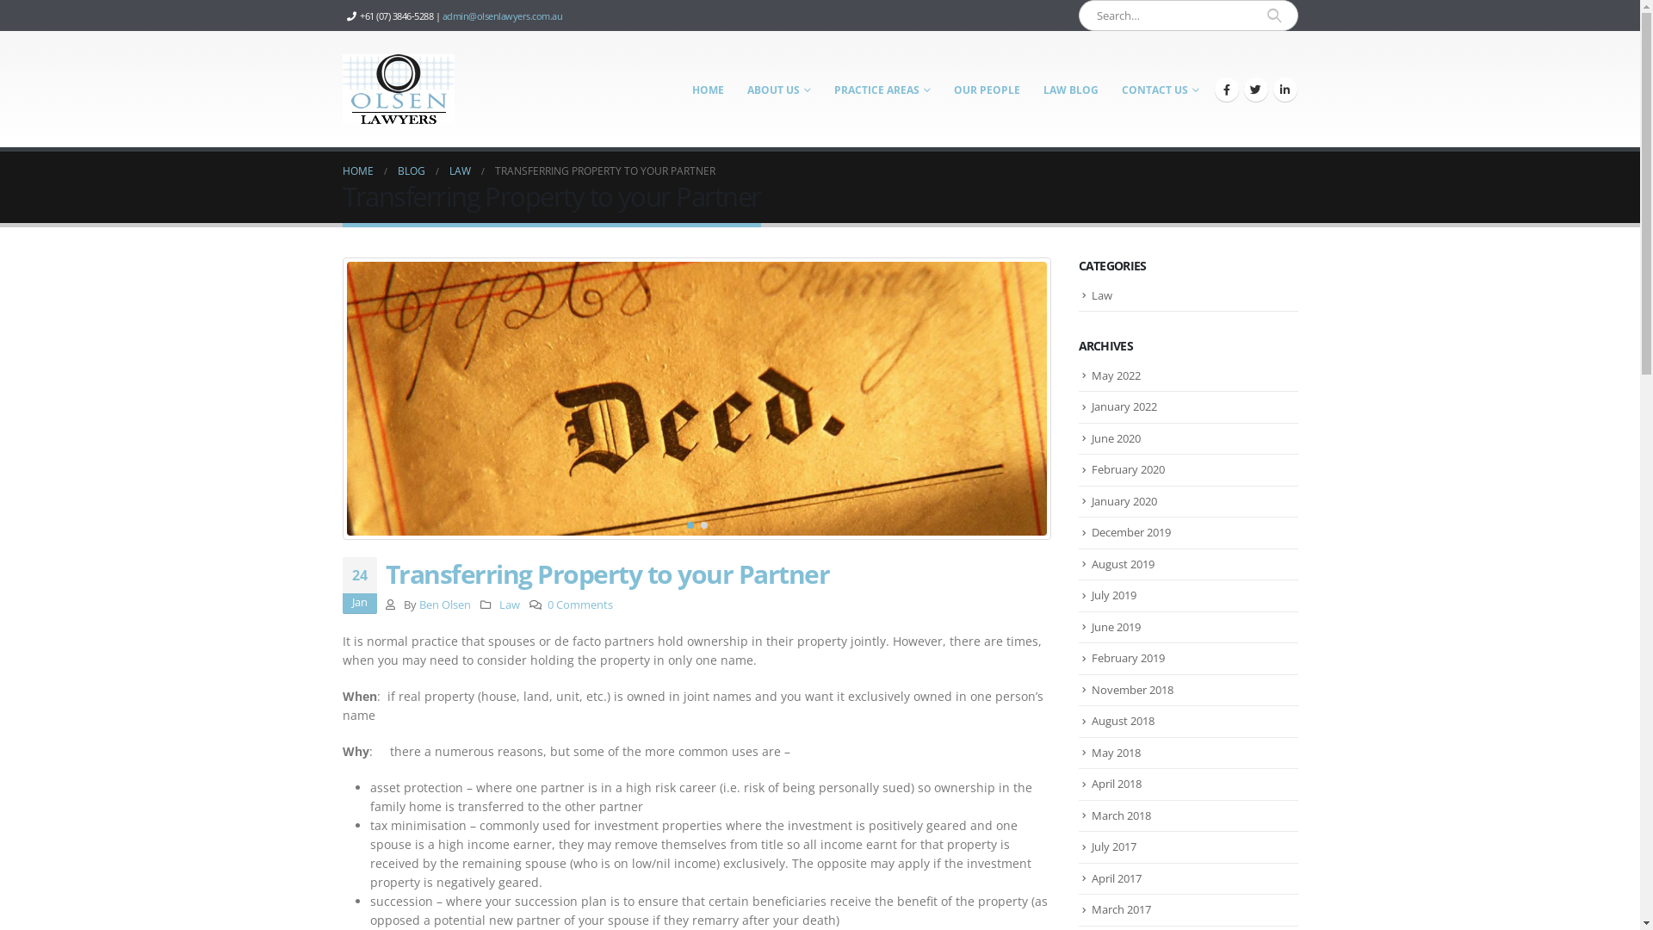  I want to click on 'January 2022', so click(1090, 406).